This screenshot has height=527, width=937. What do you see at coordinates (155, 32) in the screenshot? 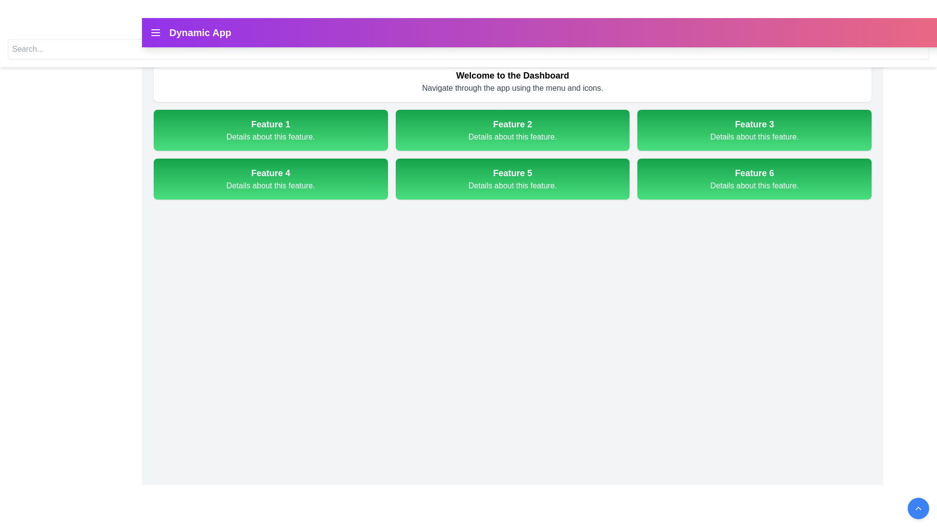
I see `the menu icon located in the top header bar` at bounding box center [155, 32].